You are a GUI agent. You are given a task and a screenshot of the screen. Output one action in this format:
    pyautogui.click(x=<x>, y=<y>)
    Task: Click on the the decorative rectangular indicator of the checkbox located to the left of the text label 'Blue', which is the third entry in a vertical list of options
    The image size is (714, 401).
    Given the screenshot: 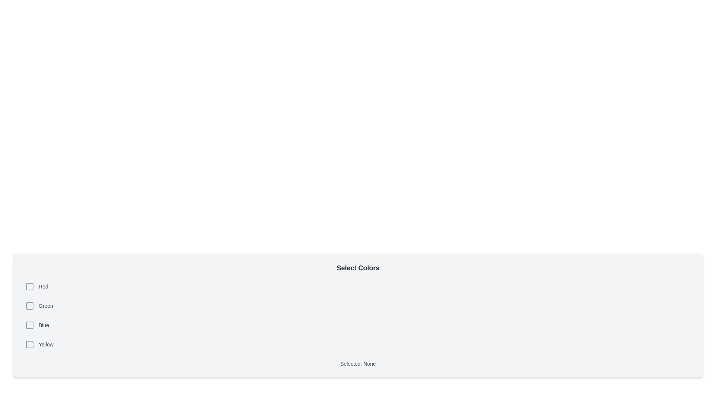 What is the action you would take?
    pyautogui.click(x=30, y=325)
    